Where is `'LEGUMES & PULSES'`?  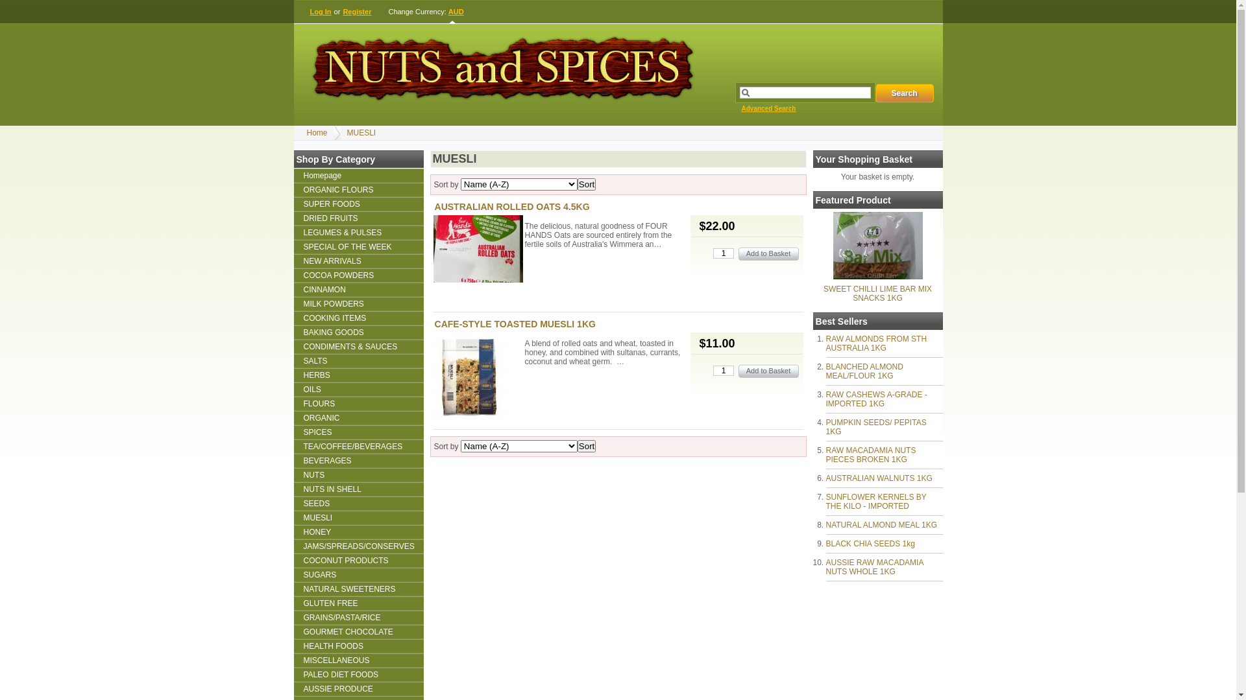 'LEGUMES & PULSES' is located at coordinates (292, 231).